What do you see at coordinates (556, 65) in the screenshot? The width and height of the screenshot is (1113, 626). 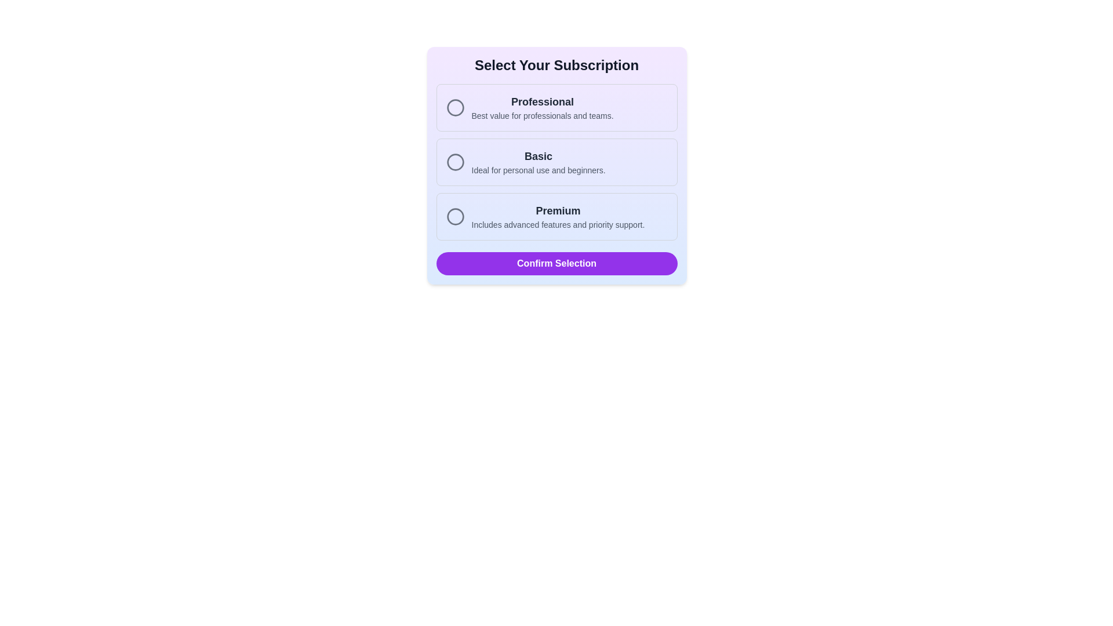 I see `the 'Select Your Subscription' text element displayed in bold and large font at the top of the subscription selection panel` at bounding box center [556, 65].